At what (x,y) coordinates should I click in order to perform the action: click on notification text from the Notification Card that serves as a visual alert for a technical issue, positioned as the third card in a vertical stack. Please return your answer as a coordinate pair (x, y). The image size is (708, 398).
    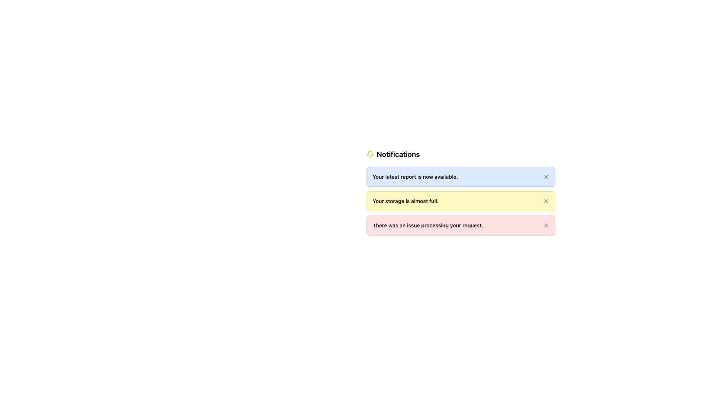
    Looking at the image, I should click on (460, 225).